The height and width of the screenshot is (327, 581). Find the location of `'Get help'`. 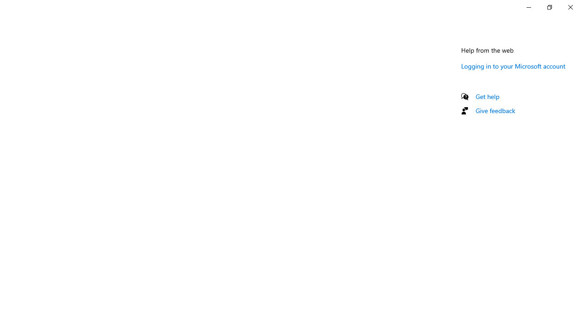

'Get help' is located at coordinates (487, 96).